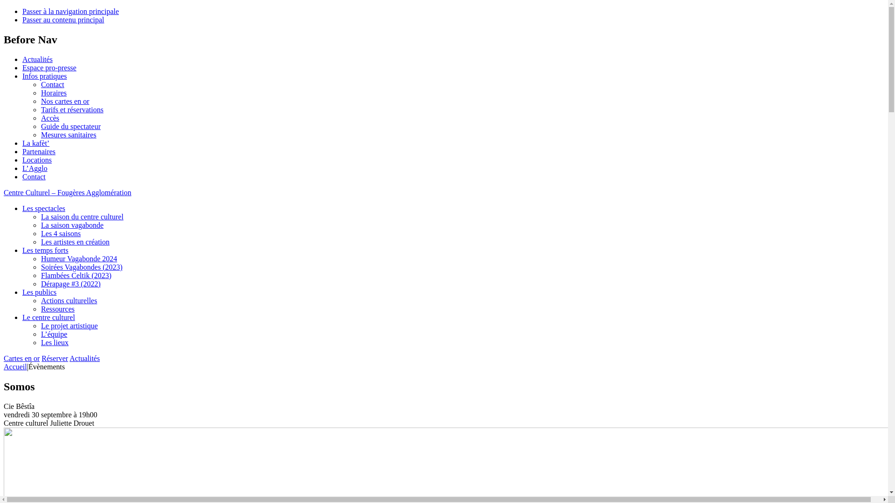 This screenshot has height=503, width=895. What do you see at coordinates (4, 366) in the screenshot?
I see `'Accueil'` at bounding box center [4, 366].